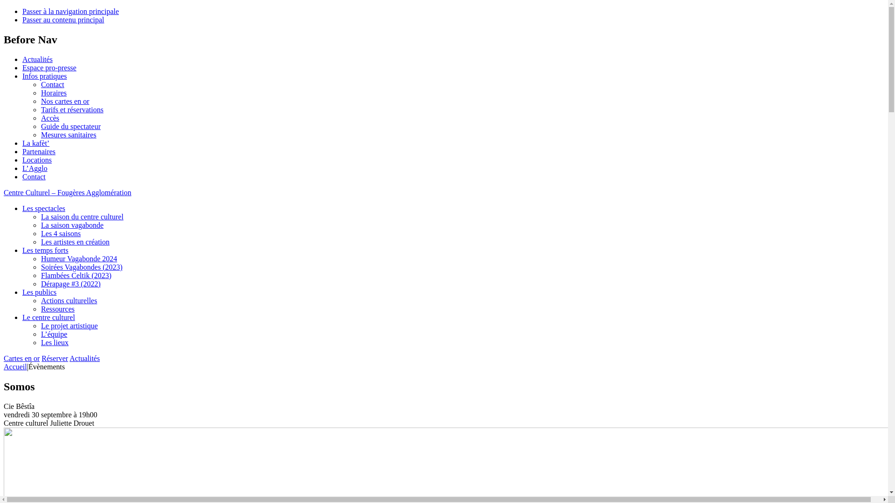 This screenshot has height=503, width=895. What do you see at coordinates (4, 366) in the screenshot?
I see `'Accueil'` at bounding box center [4, 366].